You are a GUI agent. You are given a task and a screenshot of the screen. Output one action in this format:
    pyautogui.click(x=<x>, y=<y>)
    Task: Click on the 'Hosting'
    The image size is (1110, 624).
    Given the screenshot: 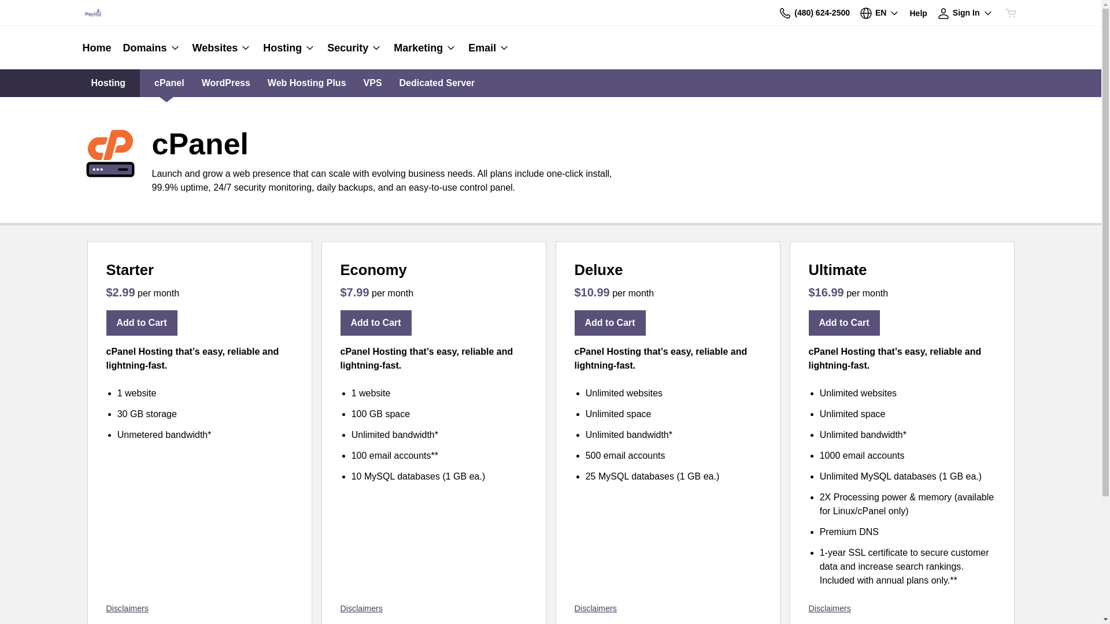 What is the action you would take?
    pyautogui.click(x=289, y=47)
    